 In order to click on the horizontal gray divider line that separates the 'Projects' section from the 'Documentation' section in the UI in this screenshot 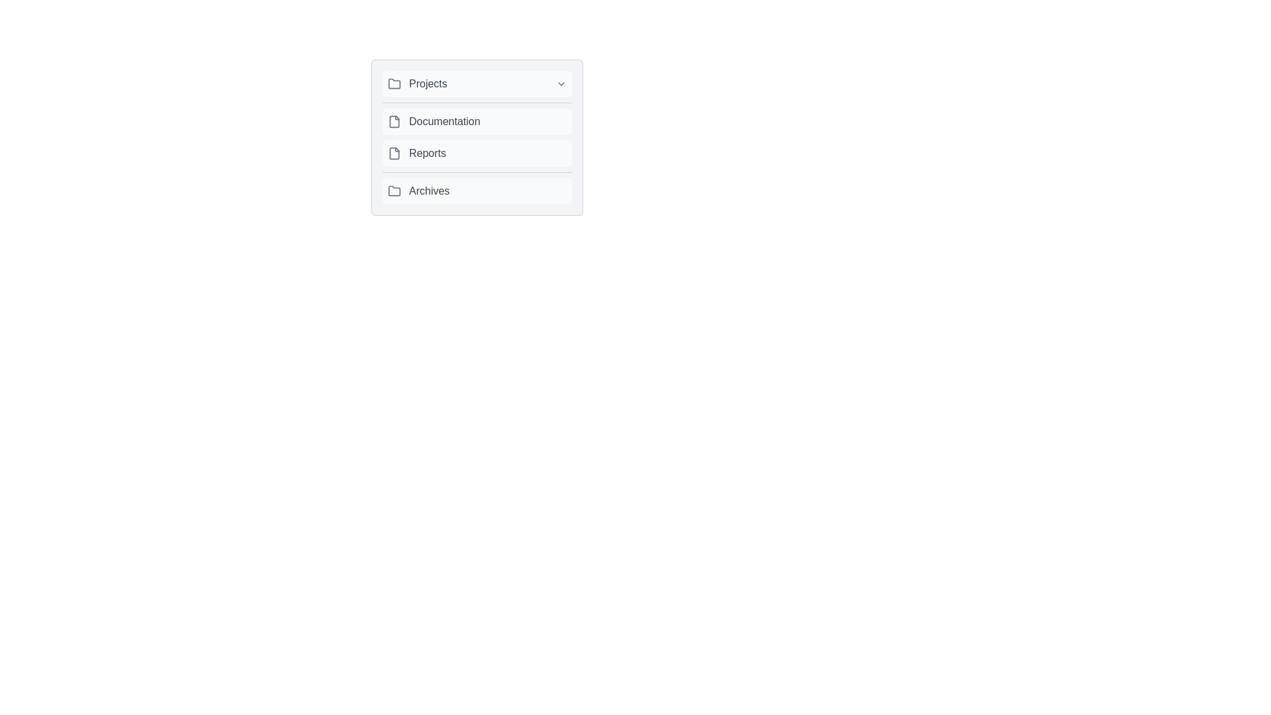, I will do `click(477, 102)`.